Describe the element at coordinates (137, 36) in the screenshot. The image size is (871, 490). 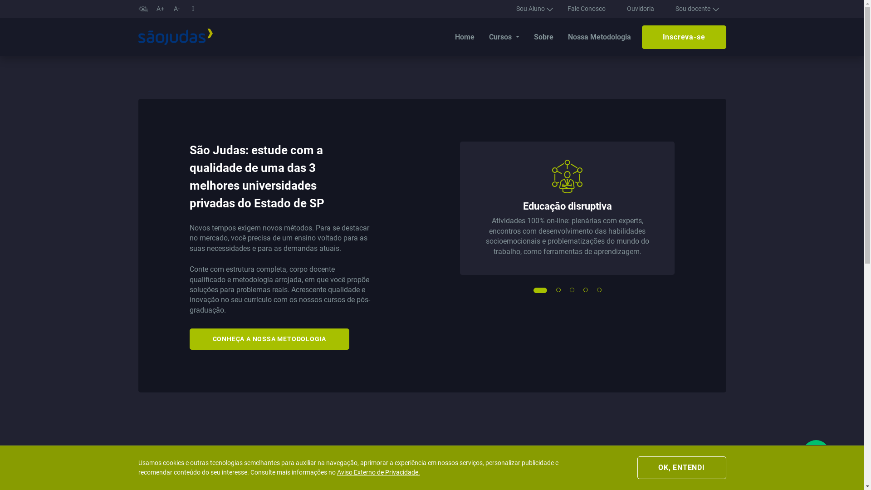
I see `'USJT'` at that location.